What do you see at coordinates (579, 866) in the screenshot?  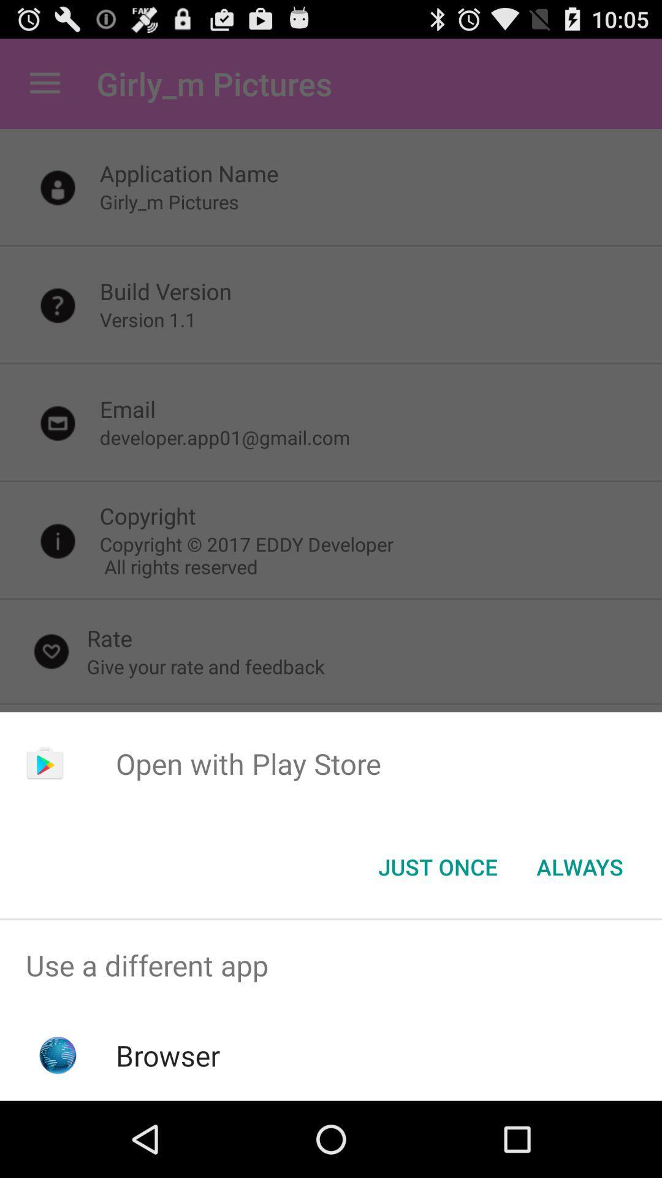 I see `the always button` at bounding box center [579, 866].